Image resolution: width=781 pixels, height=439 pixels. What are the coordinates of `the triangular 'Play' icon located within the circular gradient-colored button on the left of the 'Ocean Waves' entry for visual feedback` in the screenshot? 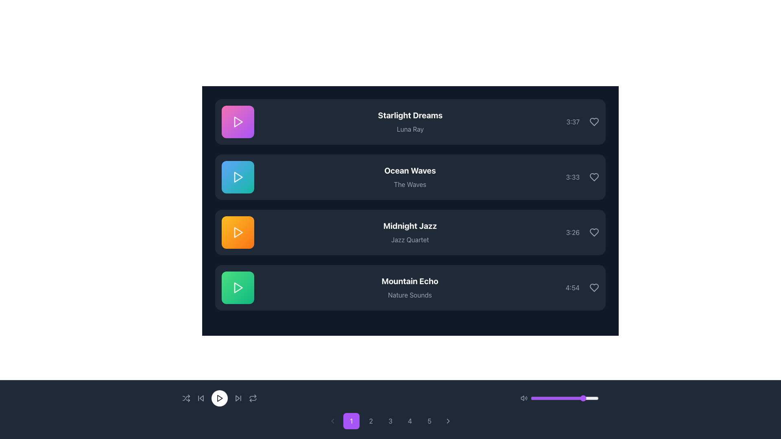 It's located at (238, 176).